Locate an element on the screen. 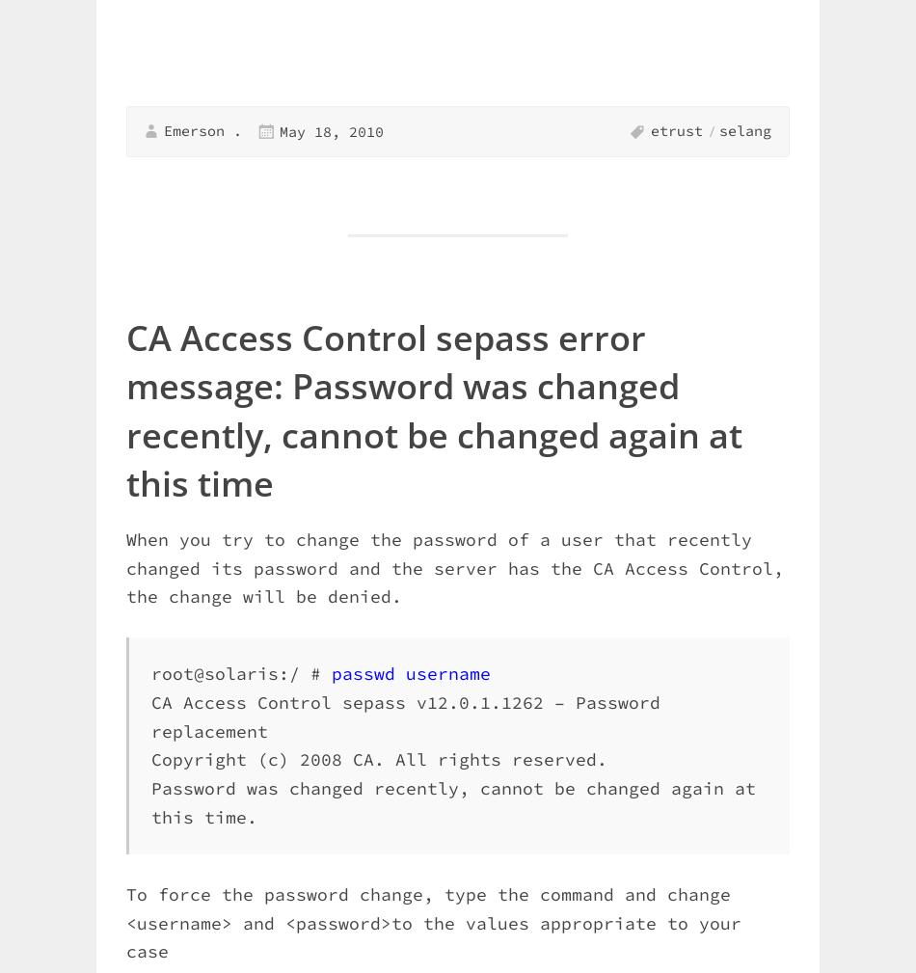 This screenshot has width=916, height=973. 'passwd username' is located at coordinates (410, 673).